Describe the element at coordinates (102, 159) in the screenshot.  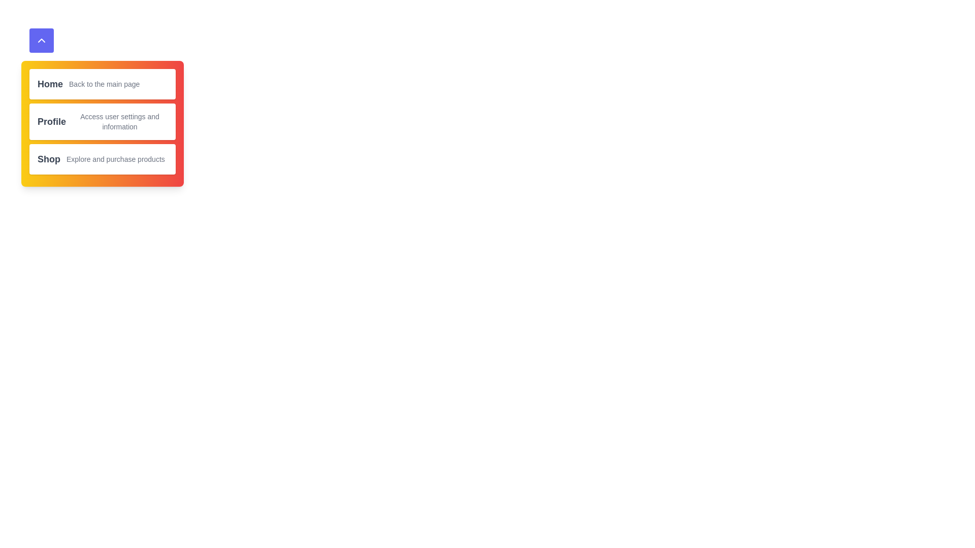
I see `the menu item labeled Shop` at that location.